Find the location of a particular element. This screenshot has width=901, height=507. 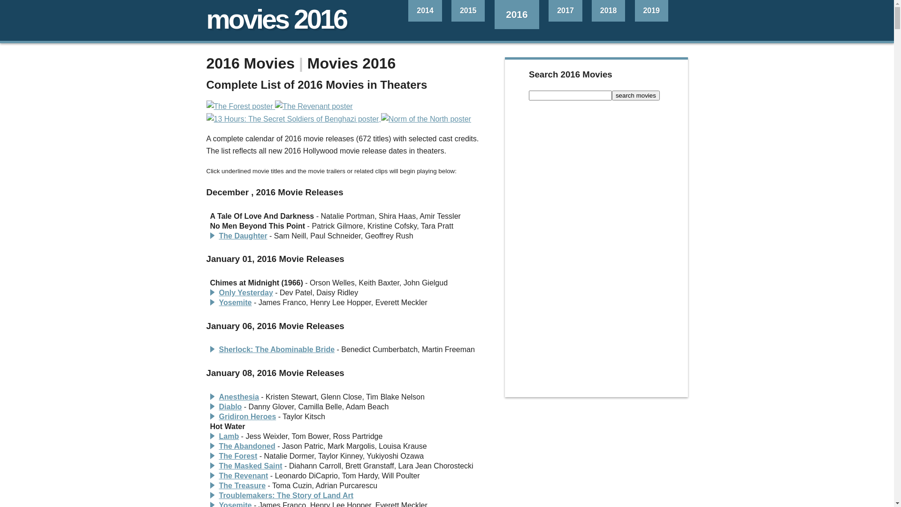

'2014' is located at coordinates (424, 11).